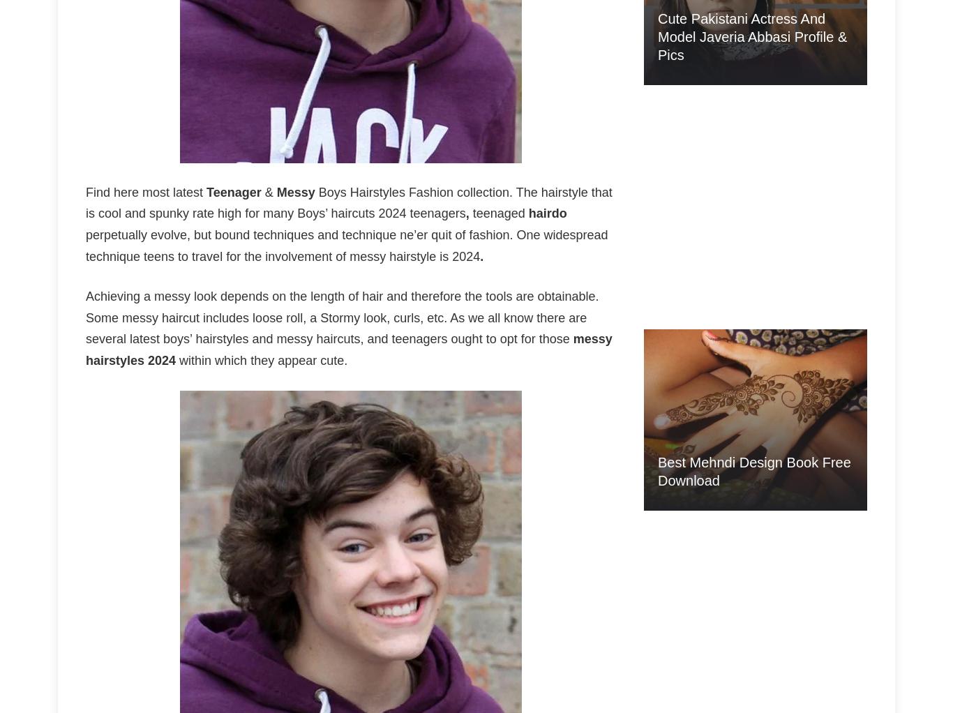 Image resolution: width=953 pixels, height=713 pixels. Describe the element at coordinates (753, 470) in the screenshot. I see `'Best Mehndi Design Book Free Download'` at that location.